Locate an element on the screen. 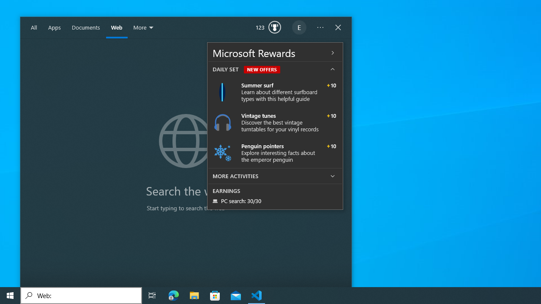  'Microsoft Rewards' is located at coordinates (275, 52).